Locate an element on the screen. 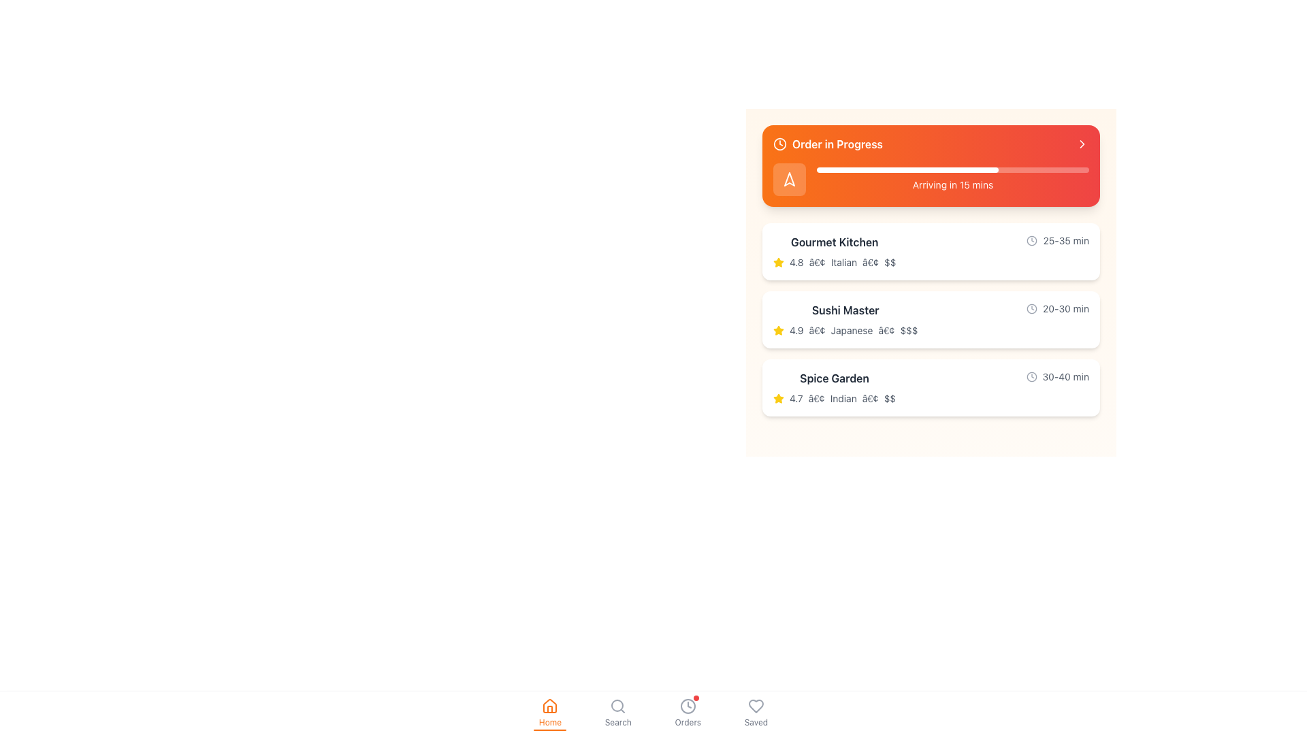  the static text displaying '30-40 min' in gray font, which is positioned to the right of a clock icon in the Spice Garden section is located at coordinates (1065, 377).